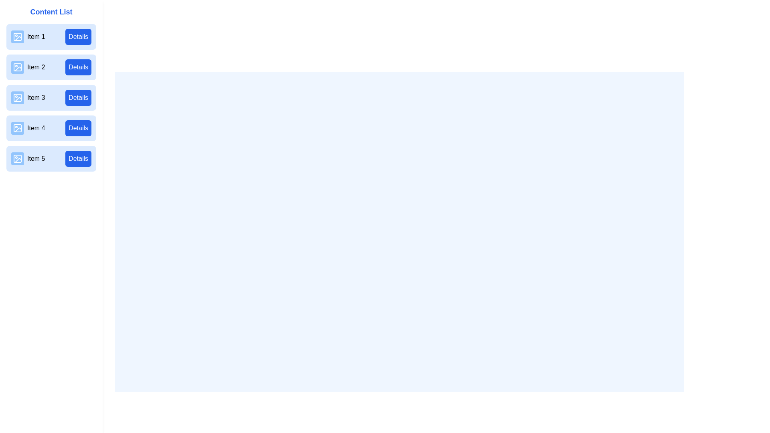 The image size is (770, 433). Describe the element at coordinates (17, 67) in the screenshot. I see `the icon representing image content associated with 'Item 2' in the list, positioned at the top-left corner of the entry` at that location.